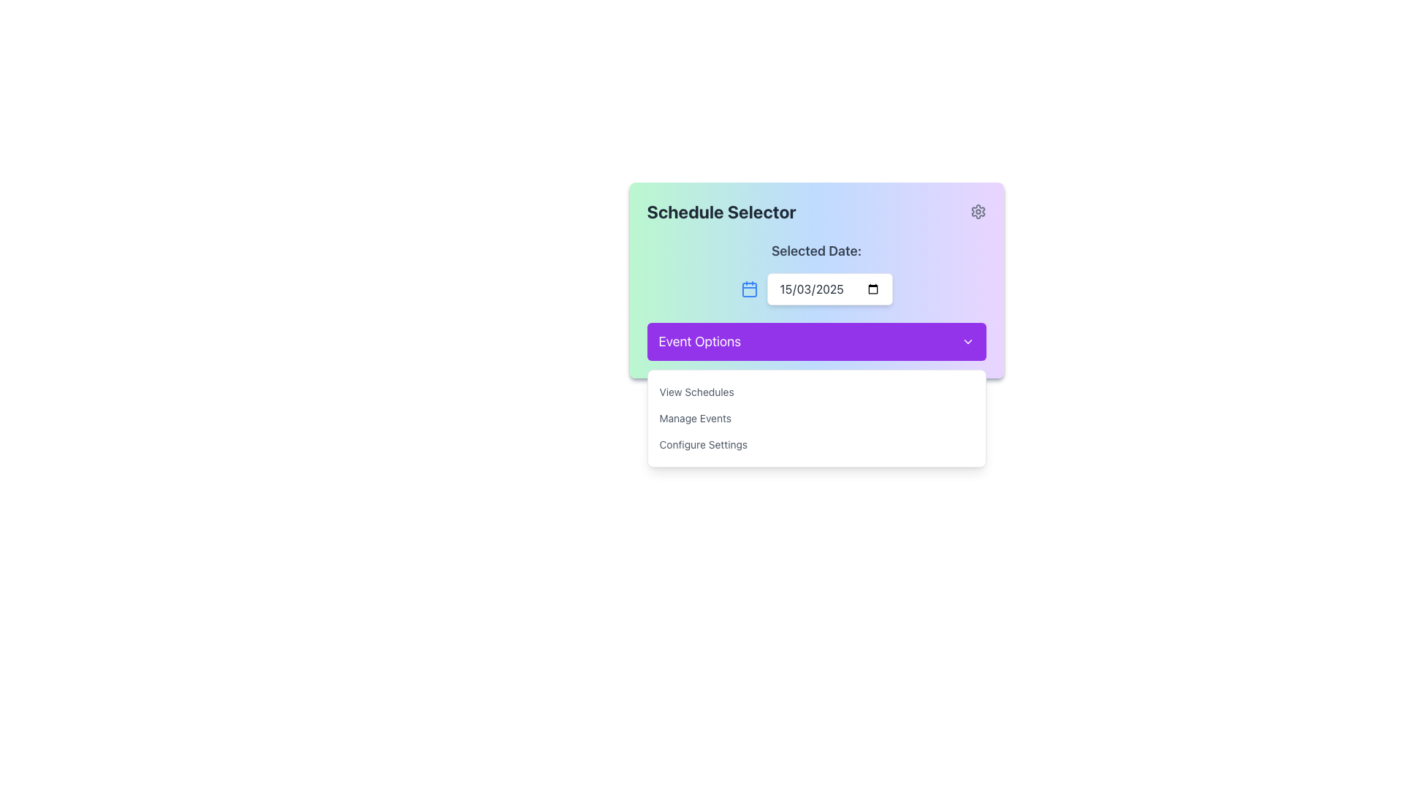 The height and width of the screenshot is (789, 1403). What do you see at coordinates (815, 419) in the screenshot?
I see `the second button in the dropdown menu below the 'Event Options' button` at bounding box center [815, 419].